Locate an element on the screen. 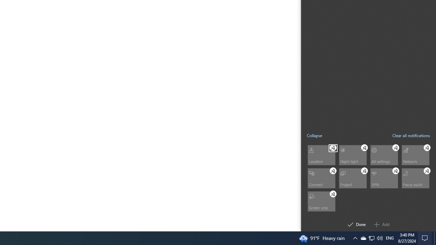  'VPN' is located at coordinates (384, 178).